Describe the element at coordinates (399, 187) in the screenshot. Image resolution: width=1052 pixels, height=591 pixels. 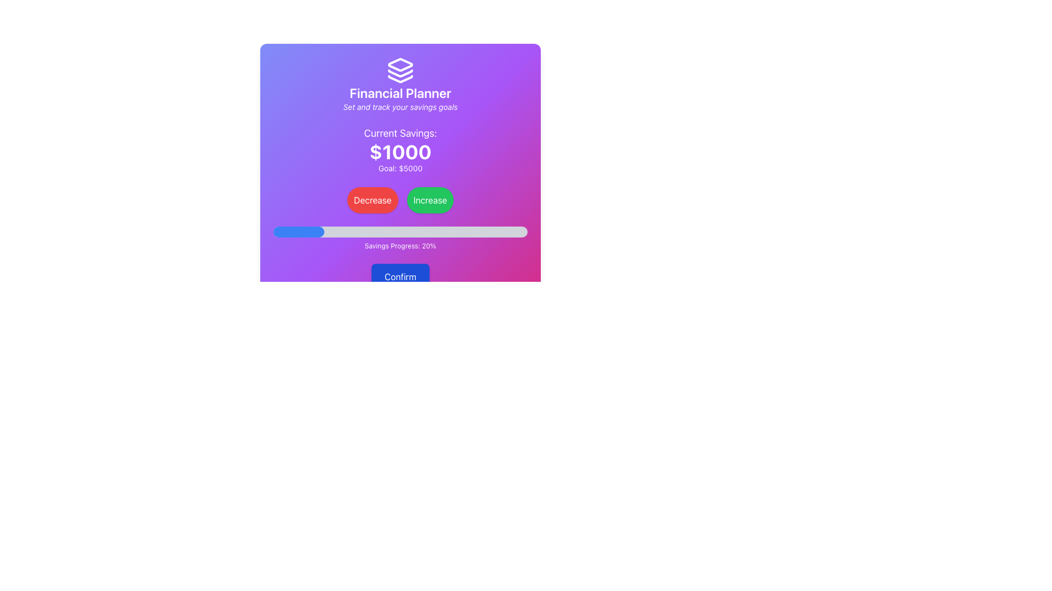
I see `the buttons in the financial information composite component located within the 'Financial Planner' panel` at that location.